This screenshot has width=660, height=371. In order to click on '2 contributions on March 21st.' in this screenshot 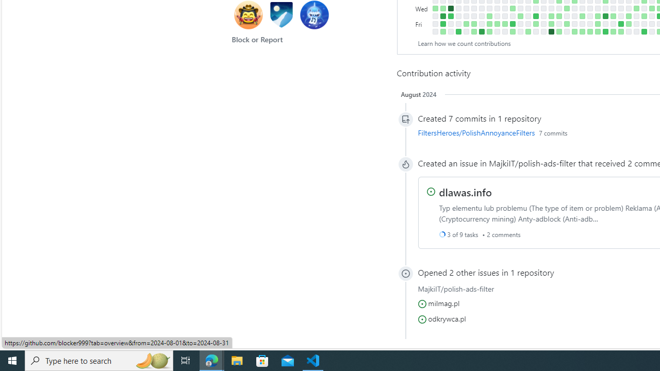, I will do `click(520, 16)`.